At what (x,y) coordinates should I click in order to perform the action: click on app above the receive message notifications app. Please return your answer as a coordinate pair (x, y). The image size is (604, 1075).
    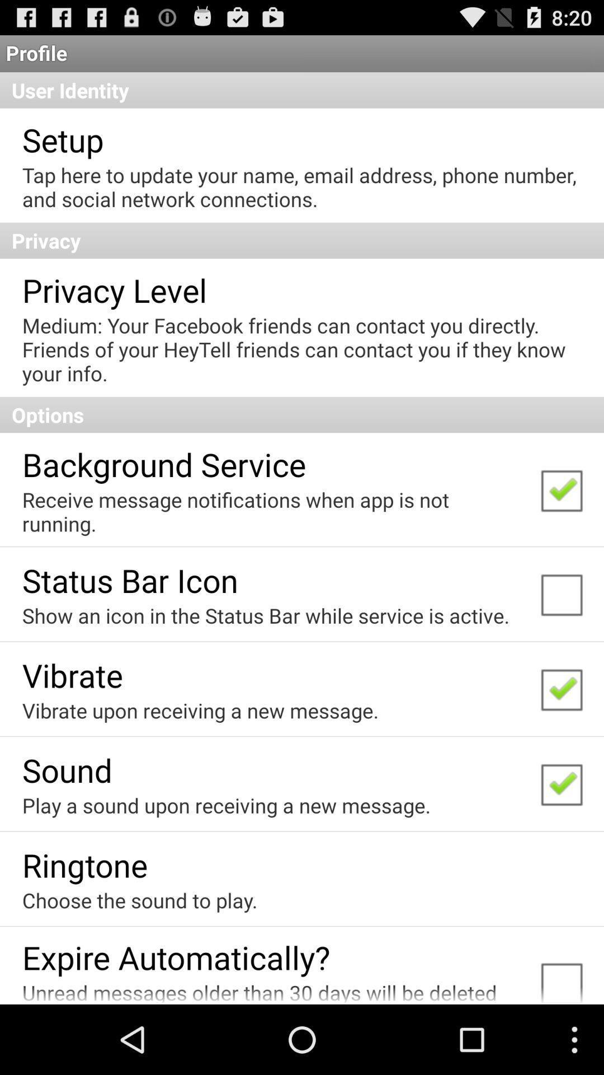
    Looking at the image, I should click on (164, 464).